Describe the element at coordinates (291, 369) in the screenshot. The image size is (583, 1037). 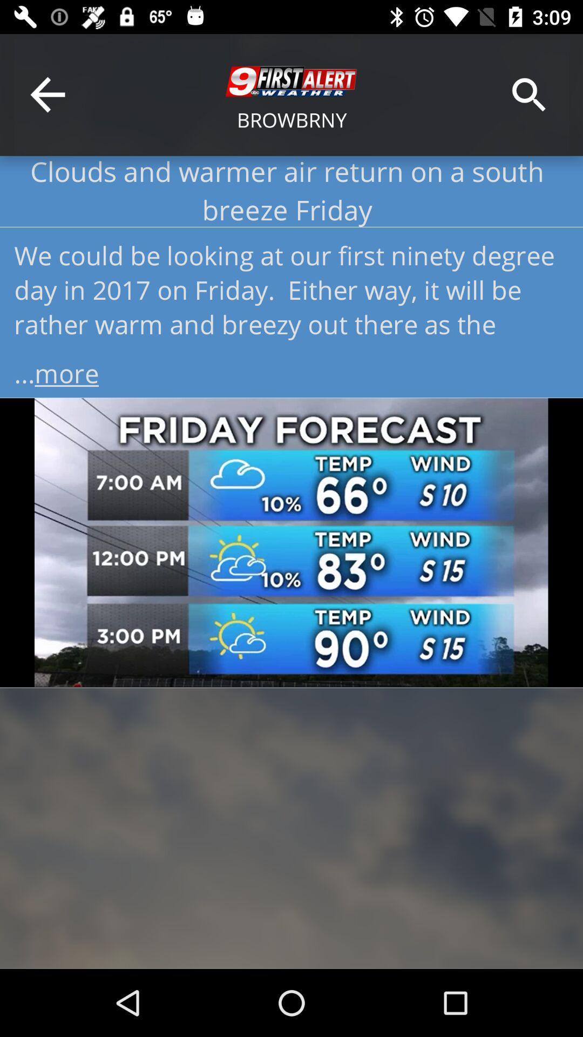
I see `...more item` at that location.